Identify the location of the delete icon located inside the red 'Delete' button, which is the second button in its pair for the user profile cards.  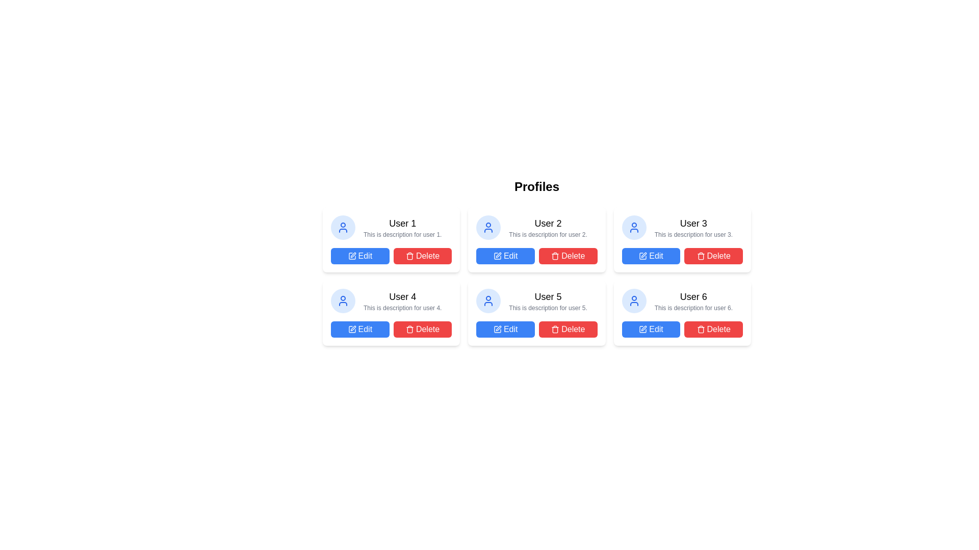
(555, 329).